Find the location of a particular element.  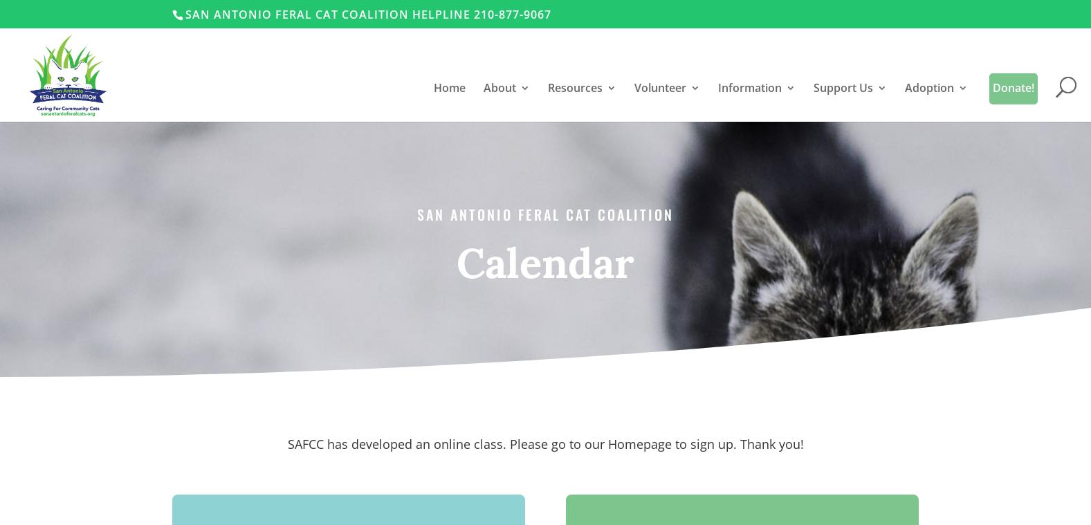

'Calendar' is located at coordinates (544, 263).